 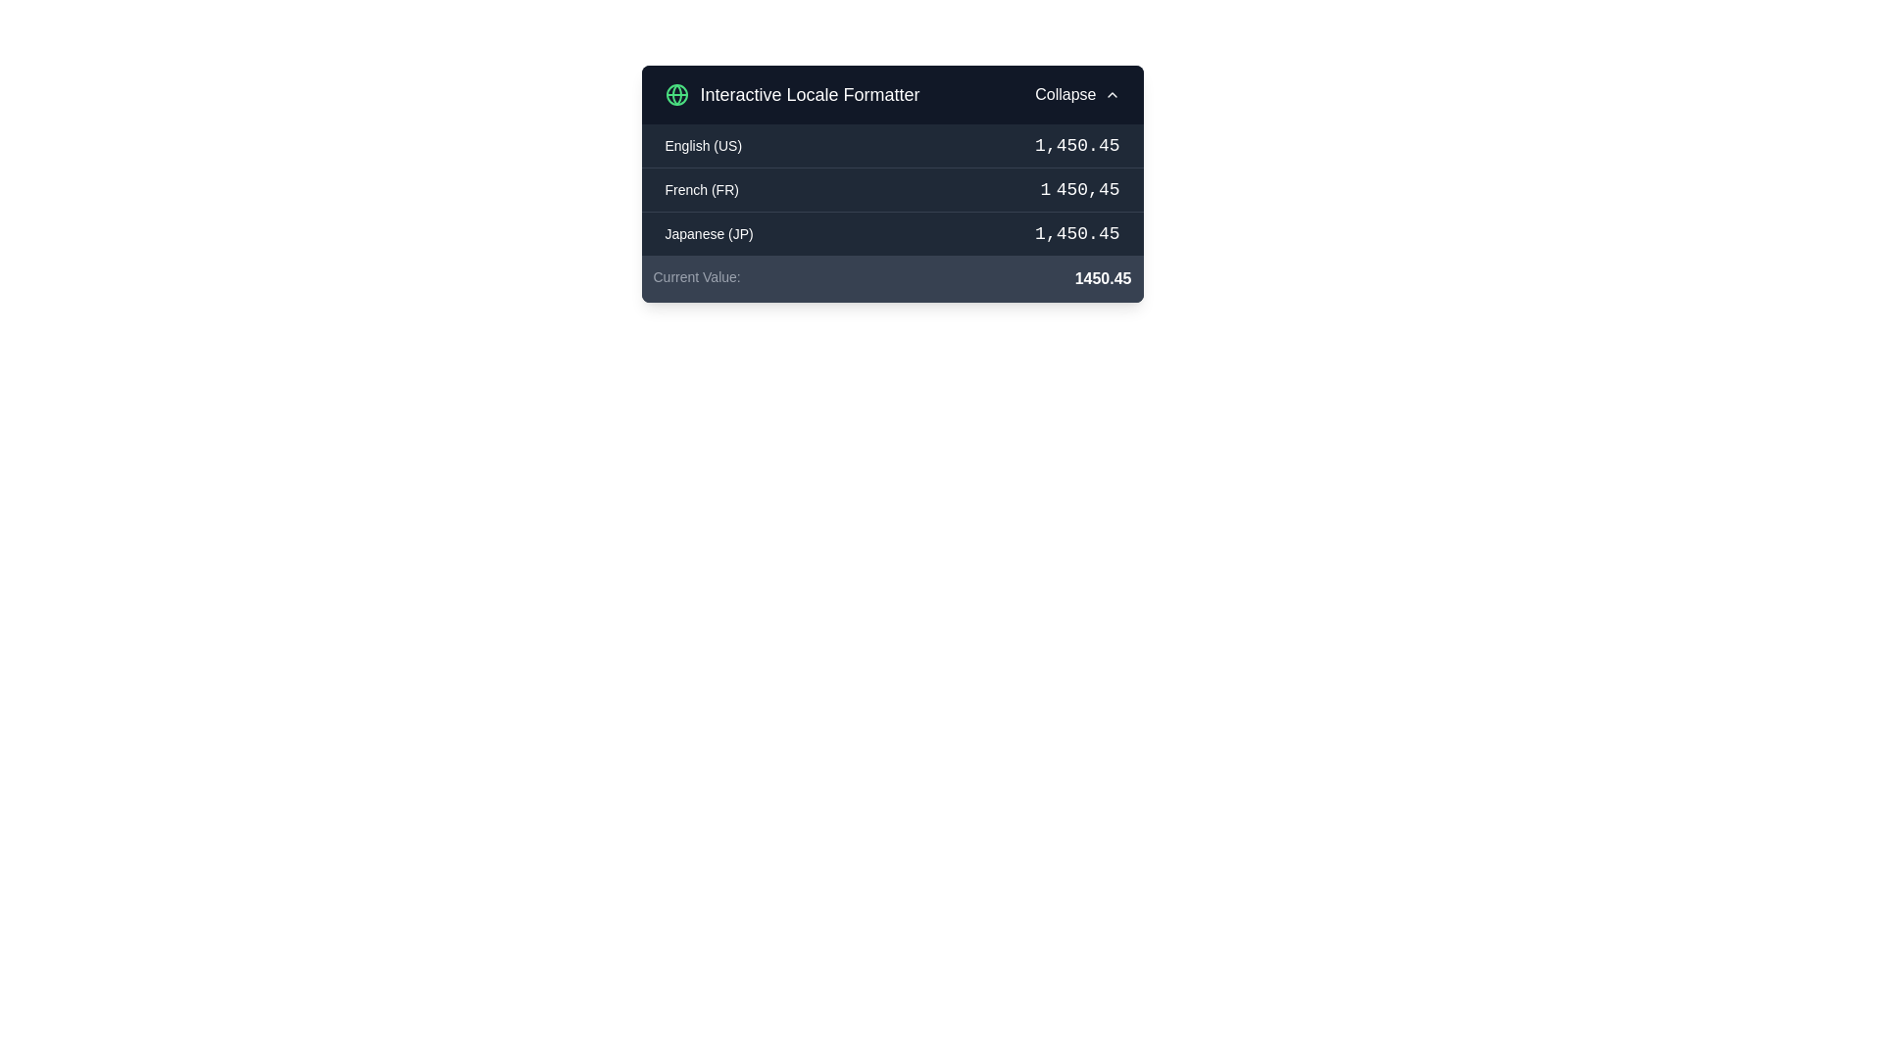 I want to click on the 'Collapse' button with an upward arrow icon located at the top-right corner of the 'Interactive Locale Formatter' component, so click(x=1076, y=94).